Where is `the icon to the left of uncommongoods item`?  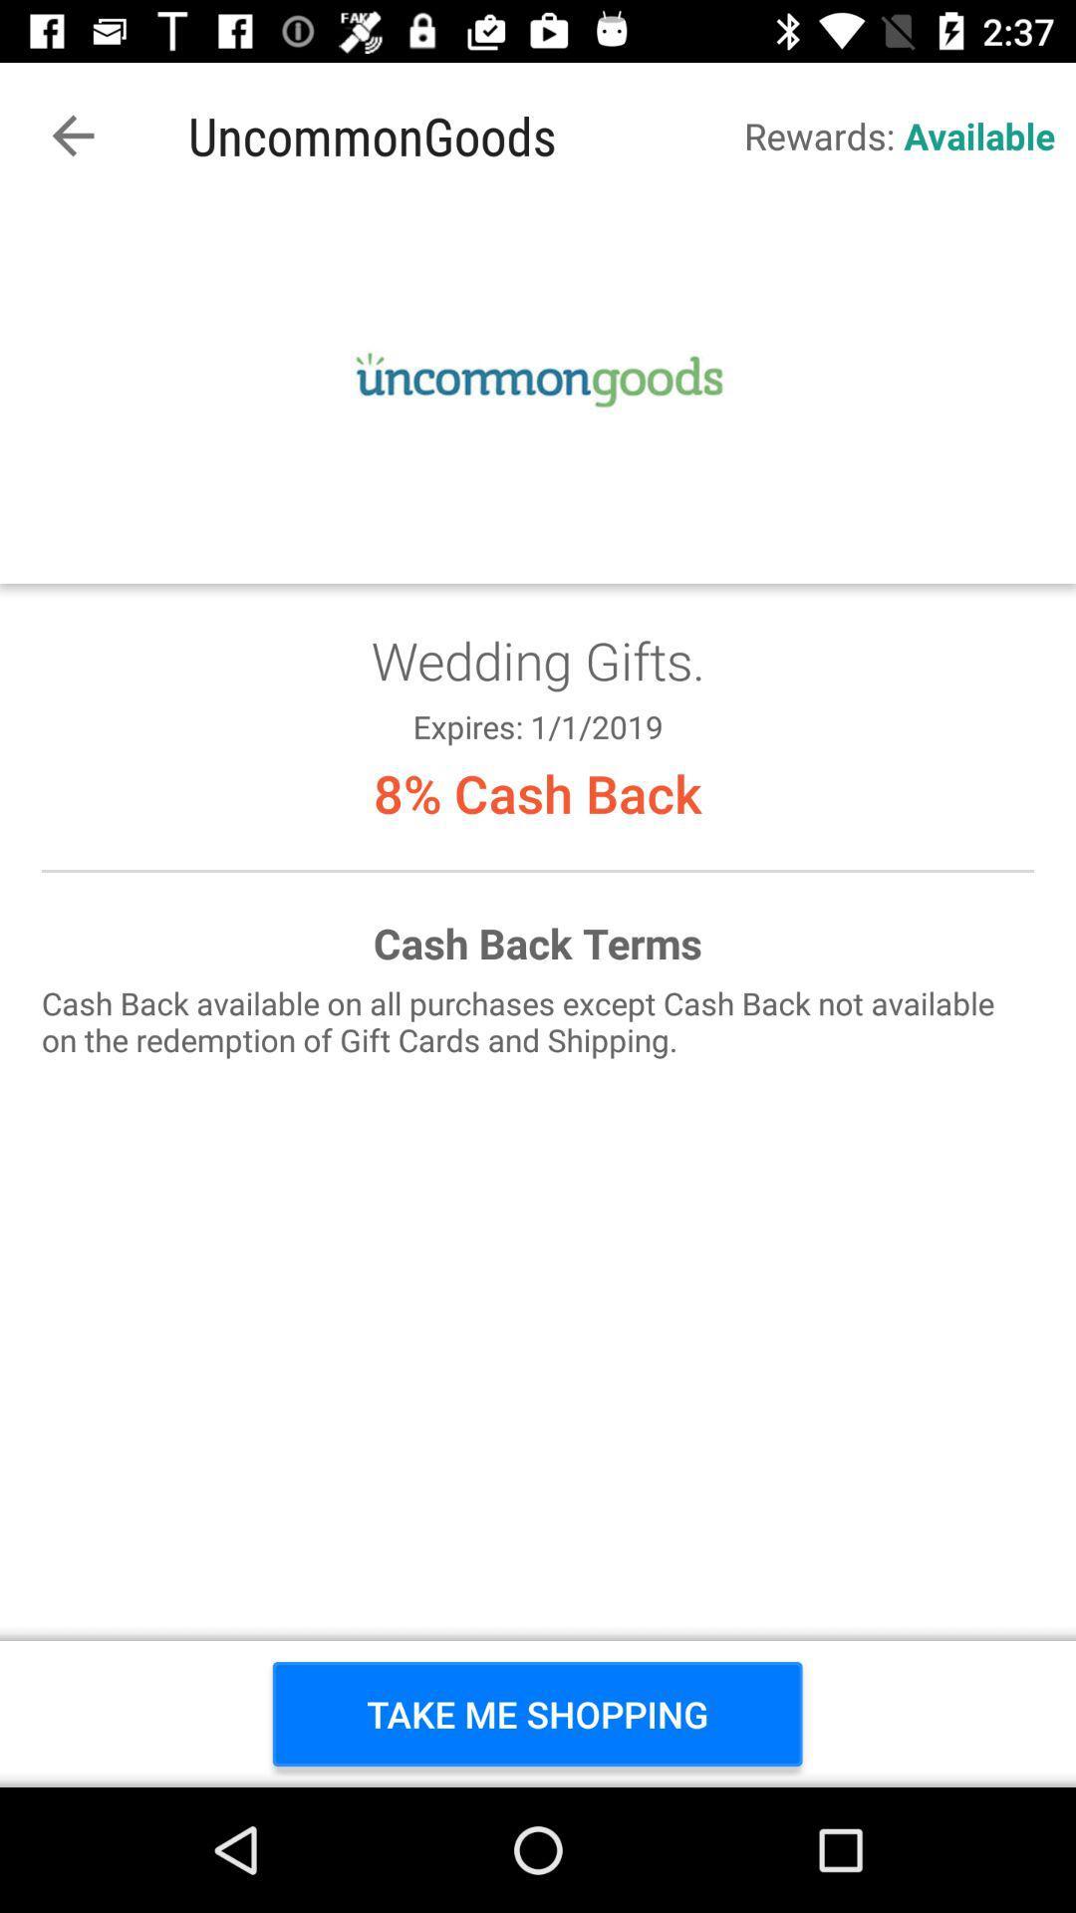
the icon to the left of uncommongoods item is located at coordinates (72, 135).